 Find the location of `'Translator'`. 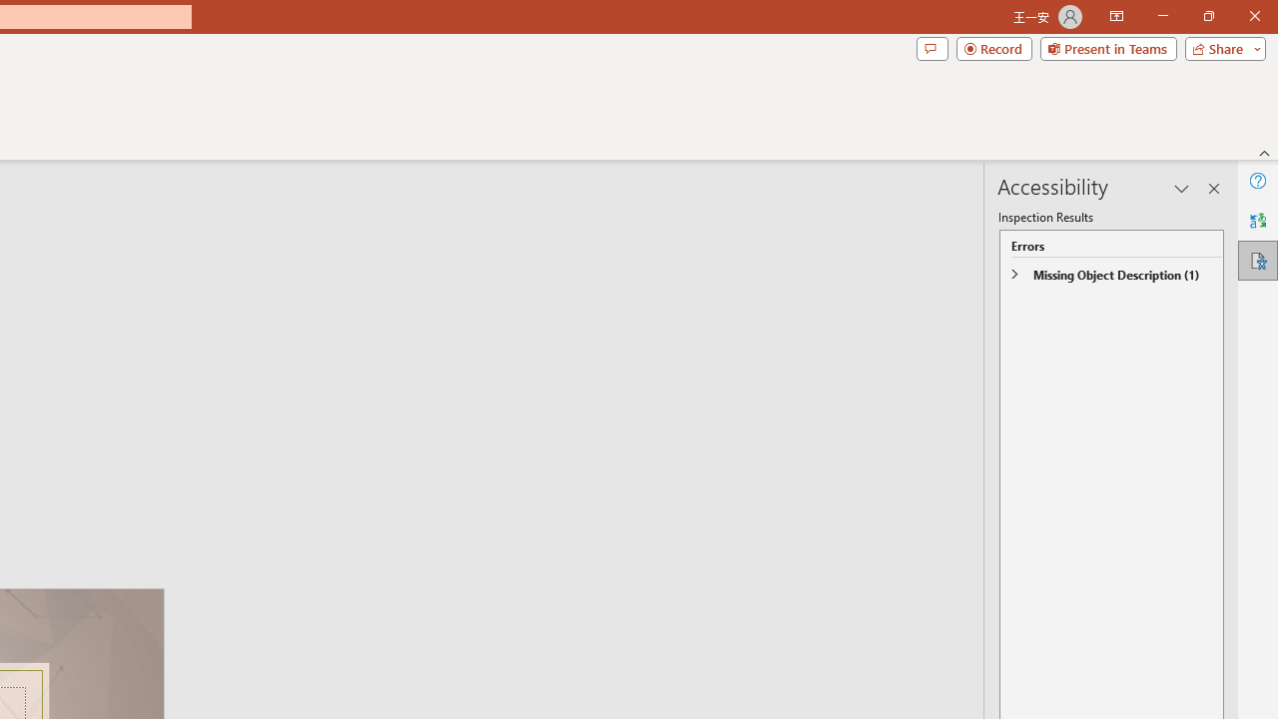

'Translator' is located at coordinates (1257, 221).